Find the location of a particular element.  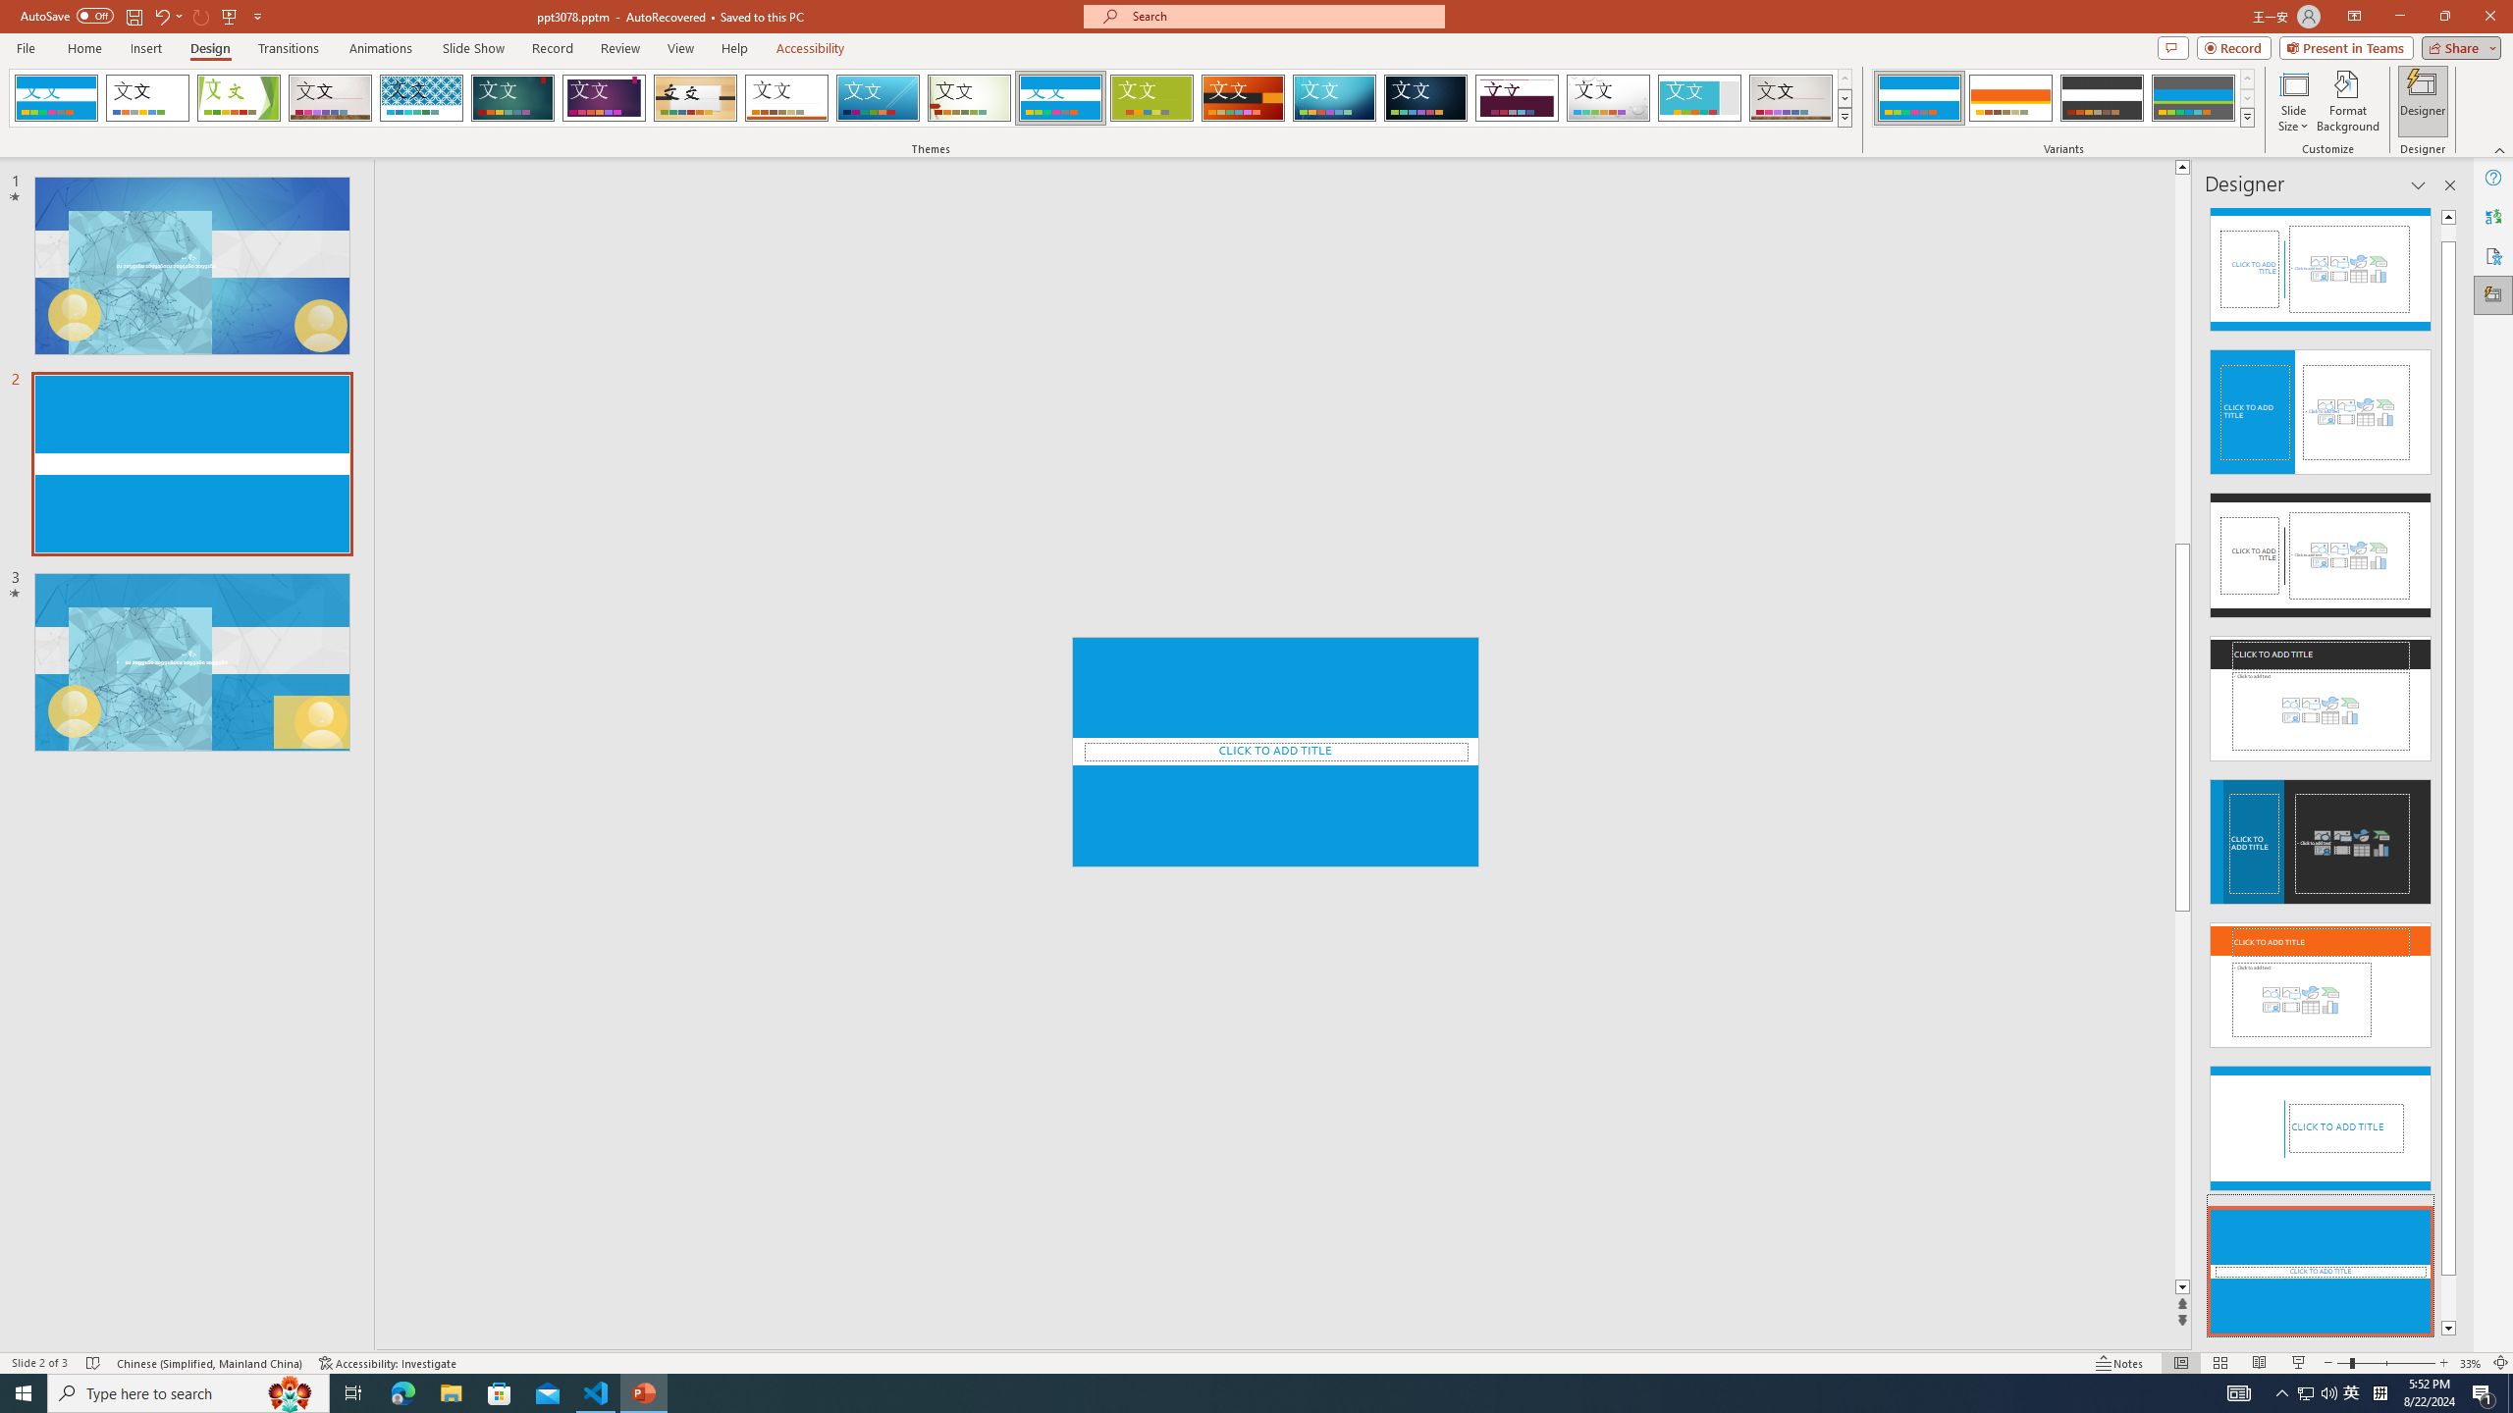

'Class: NetUIScrollBar' is located at coordinates (2448, 771).